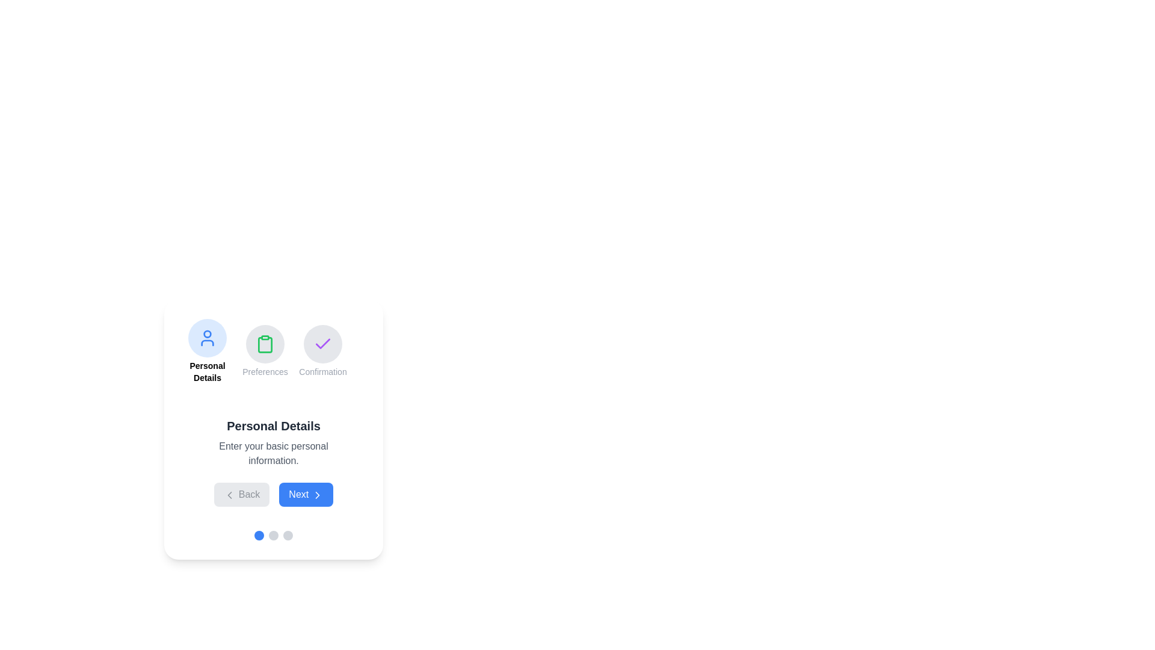 This screenshot has width=1155, height=650. What do you see at coordinates (273, 535) in the screenshot?
I see `the middle gray dot of the Progress Indicator located at the bottom-center of the UI card` at bounding box center [273, 535].